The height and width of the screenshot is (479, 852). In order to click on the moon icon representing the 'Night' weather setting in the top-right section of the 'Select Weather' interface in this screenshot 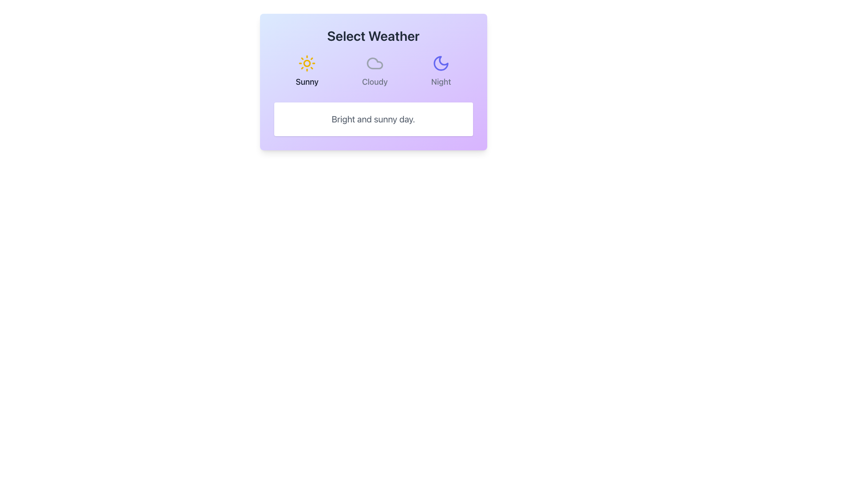, I will do `click(441, 63)`.